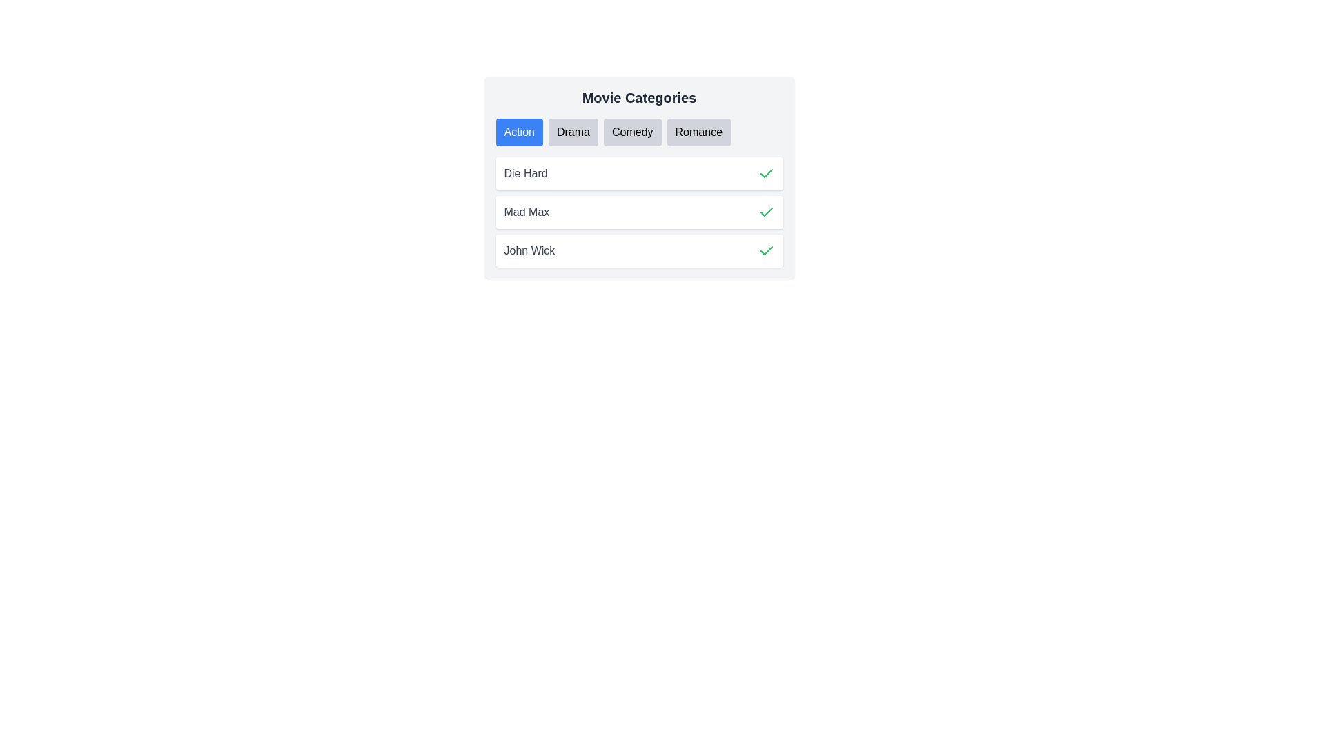  Describe the element at coordinates (526, 212) in the screenshot. I see `the text label reading 'Mad Max', which is the second item in the vertical list under 'Movie Categories'` at that location.